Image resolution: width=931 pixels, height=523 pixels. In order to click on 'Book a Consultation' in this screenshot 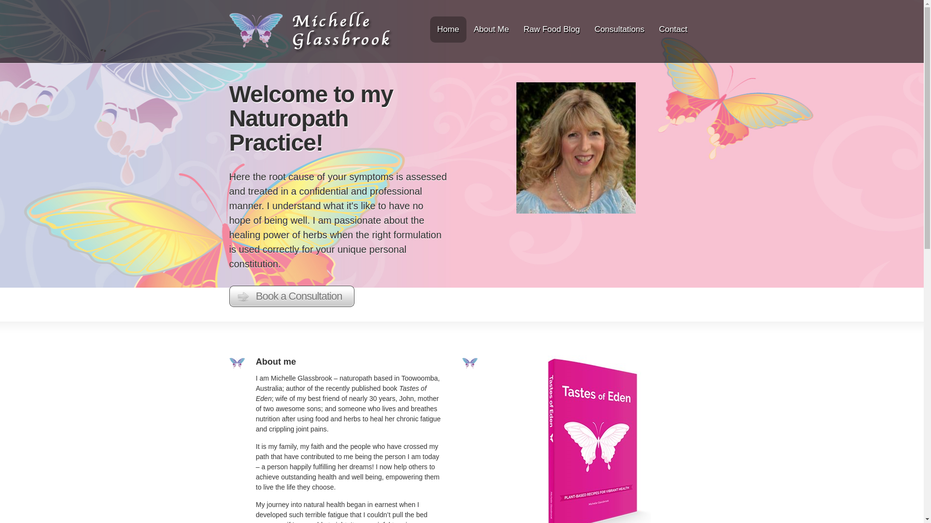, I will do `click(291, 296)`.